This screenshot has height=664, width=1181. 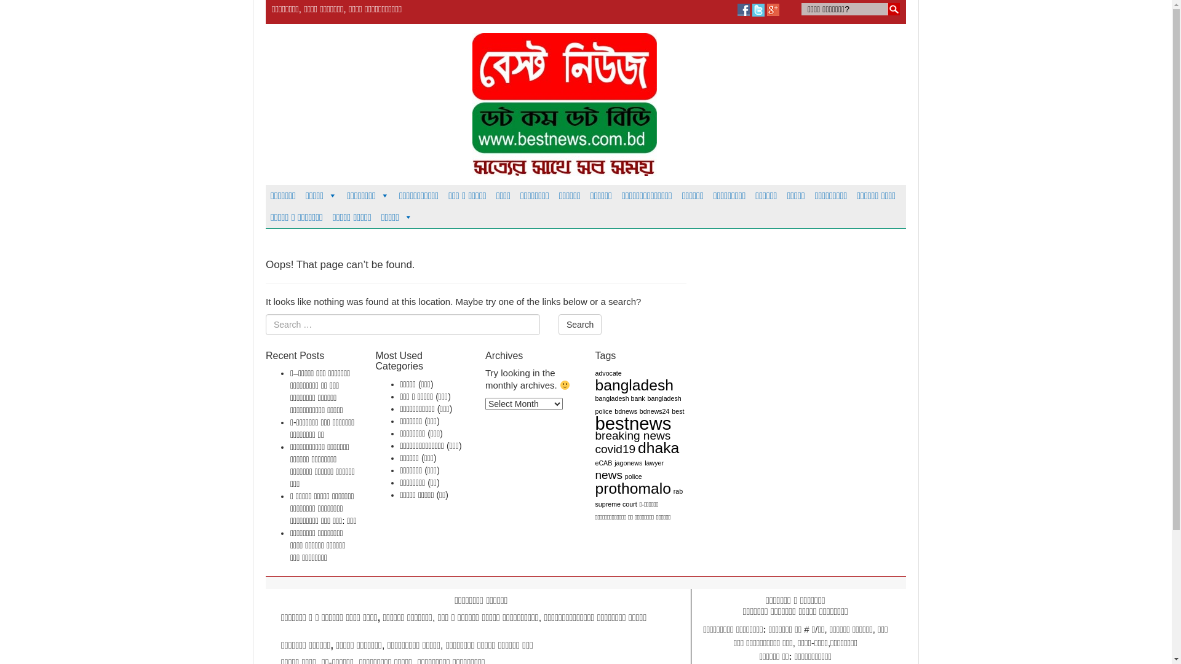 I want to click on 'bdnews24', so click(x=654, y=411).